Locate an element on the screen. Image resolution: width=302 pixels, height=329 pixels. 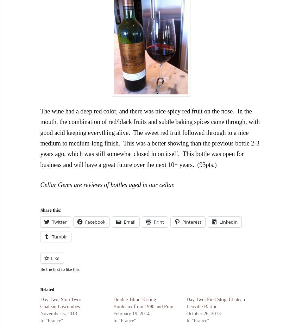
'Email' is located at coordinates (129, 222).